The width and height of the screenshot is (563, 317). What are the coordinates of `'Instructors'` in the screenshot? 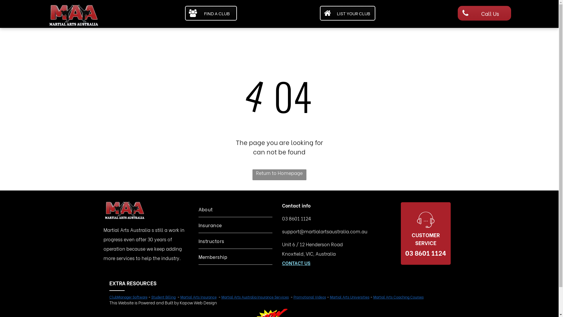 It's located at (235, 241).